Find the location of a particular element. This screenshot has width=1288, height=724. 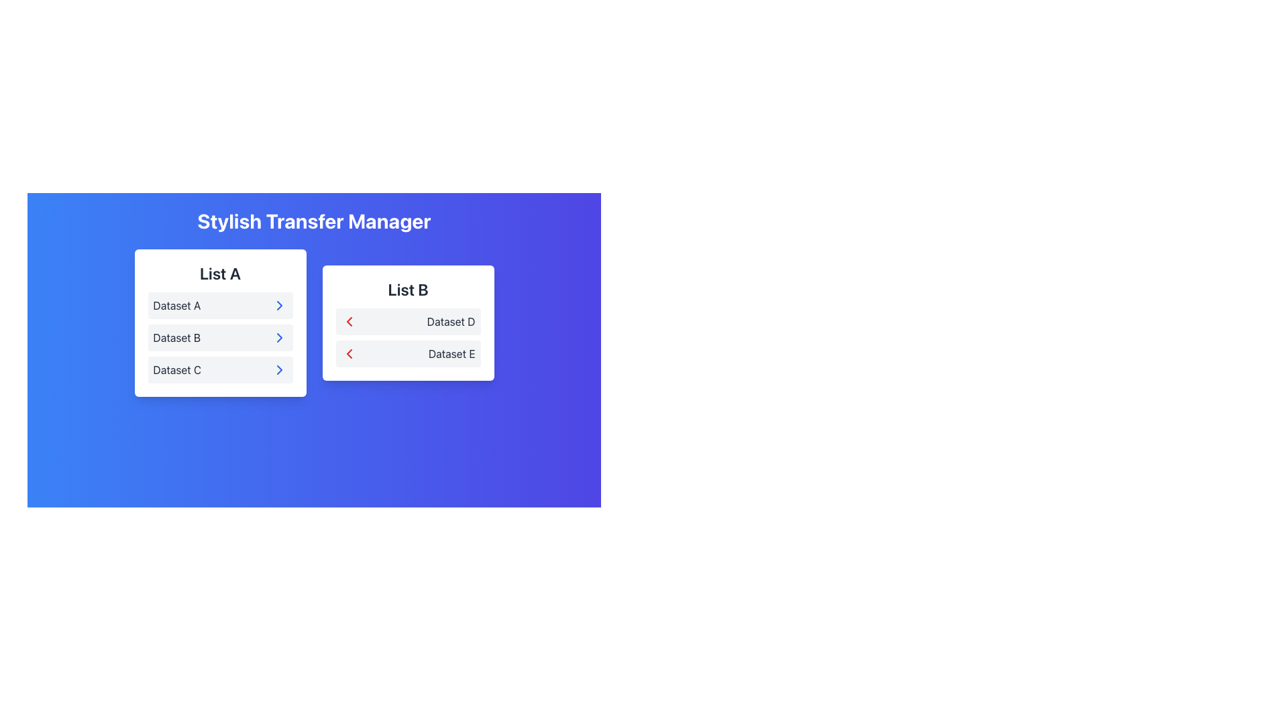

text label displaying 'Dataset A' located in the first row of 'List A' on the left column, which has a button-like appearance is located at coordinates (176, 305).